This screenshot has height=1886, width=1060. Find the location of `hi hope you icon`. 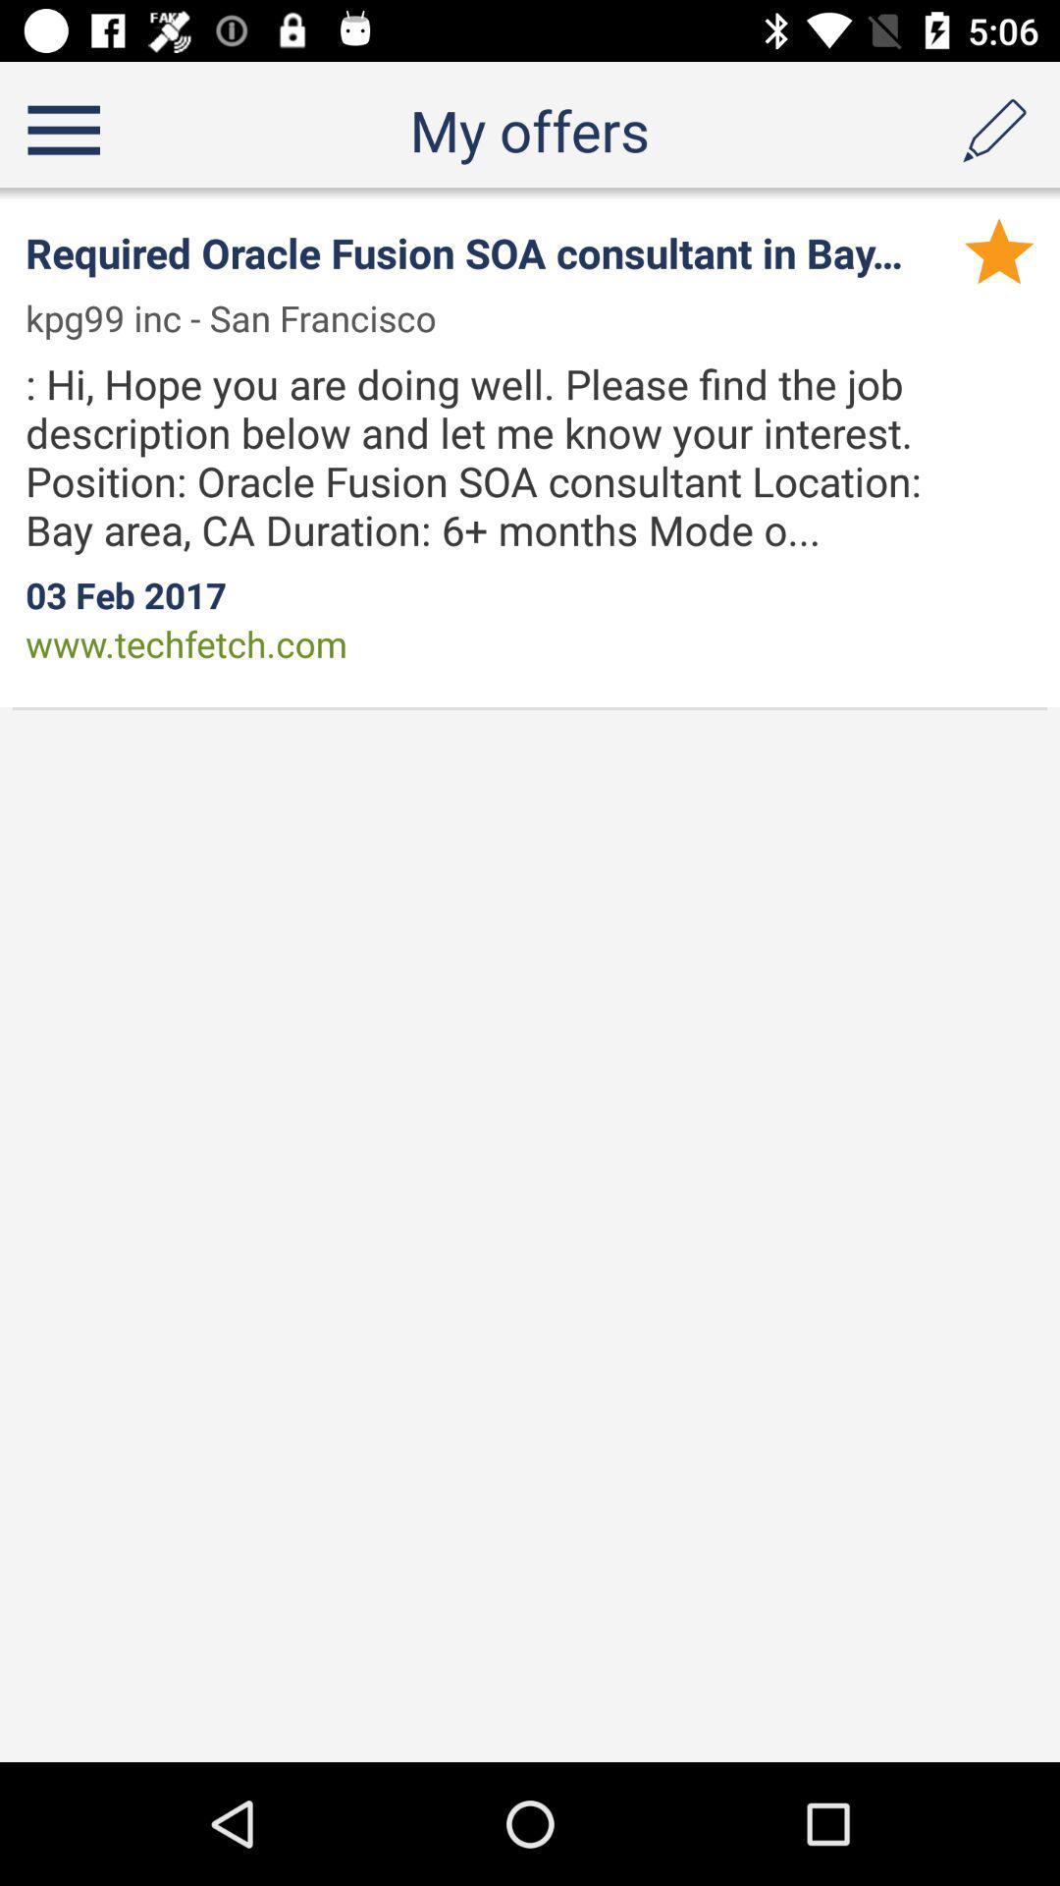

hi hope you icon is located at coordinates (509, 456).